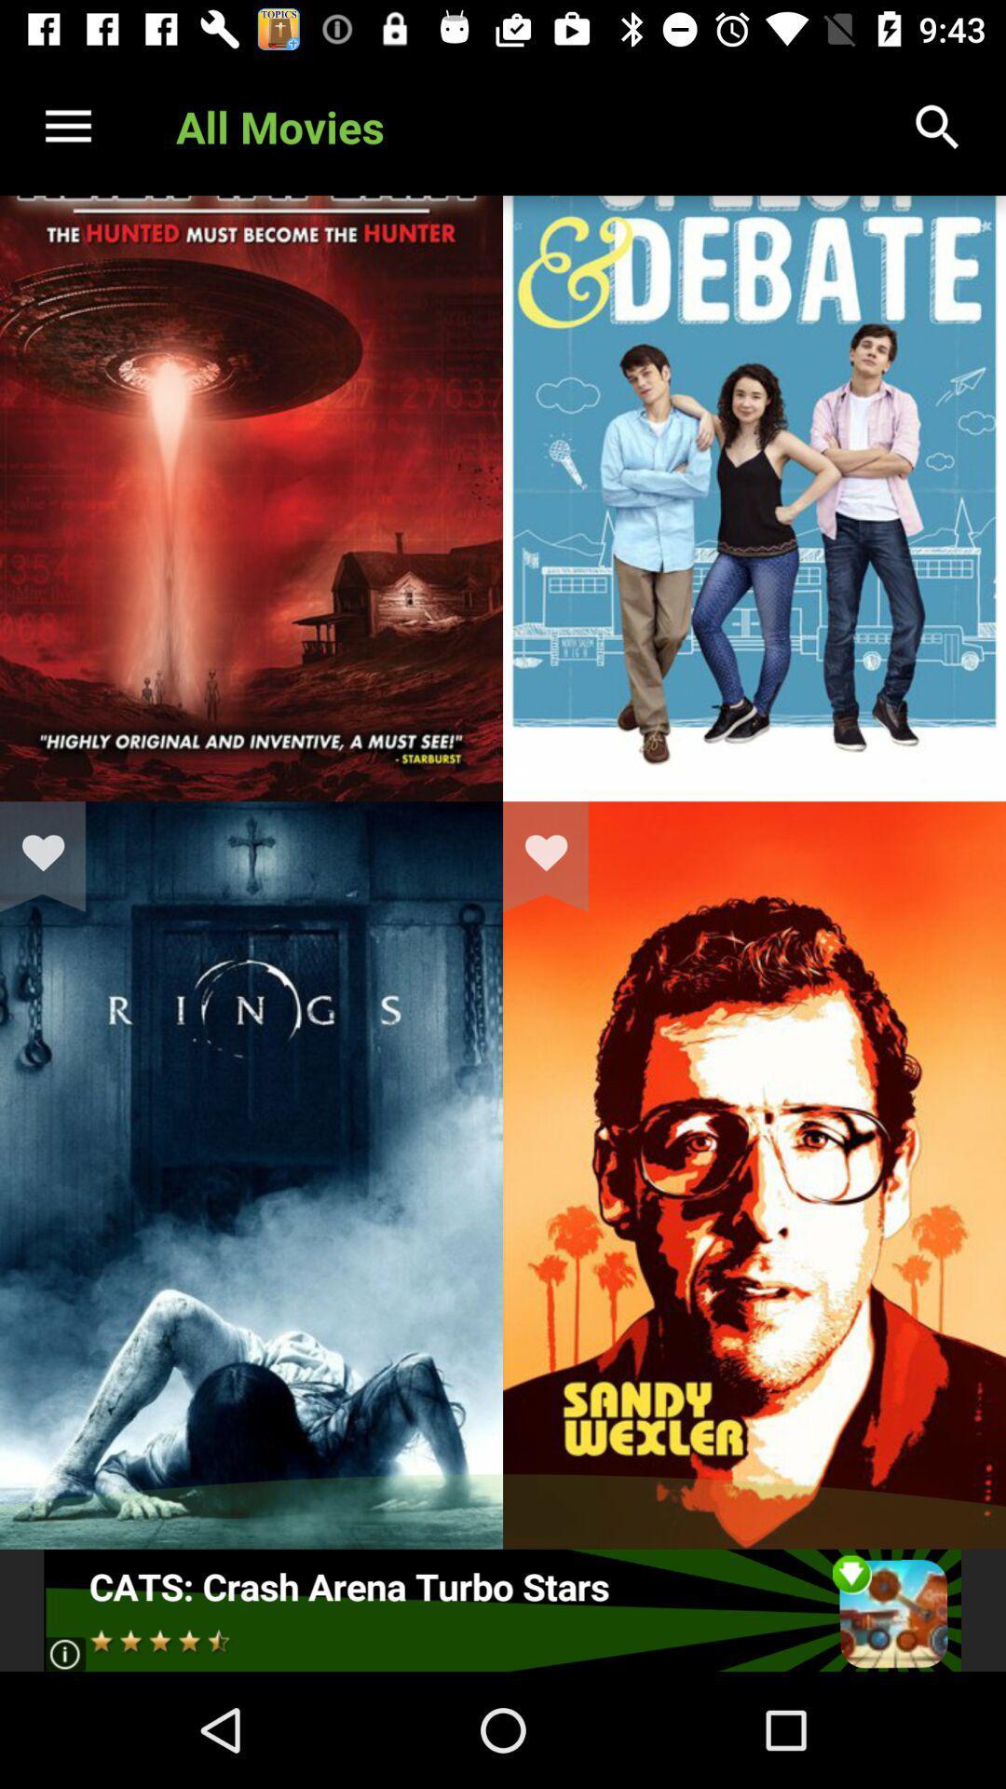  What do you see at coordinates (67, 126) in the screenshot?
I see `the item to the left of the all movies icon` at bounding box center [67, 126].